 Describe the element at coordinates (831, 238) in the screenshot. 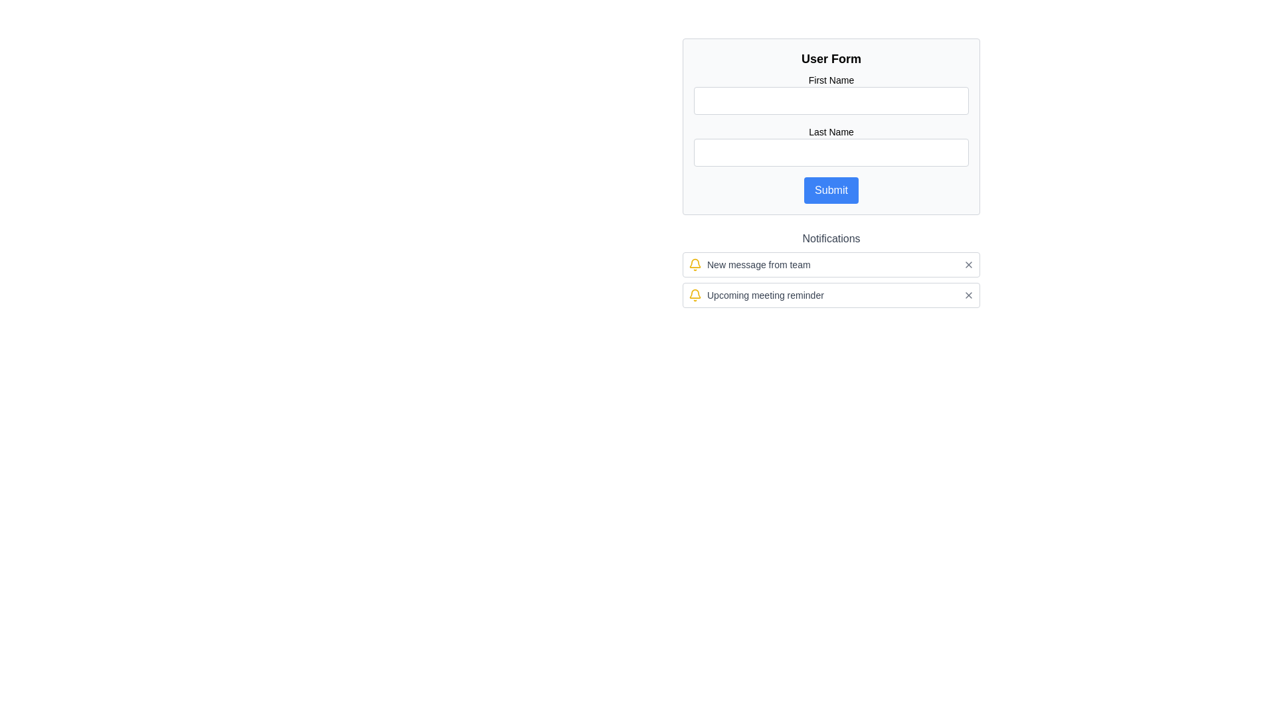

I see `the static text element displaying 'Notifications' at the top of the notification panel` at that location.